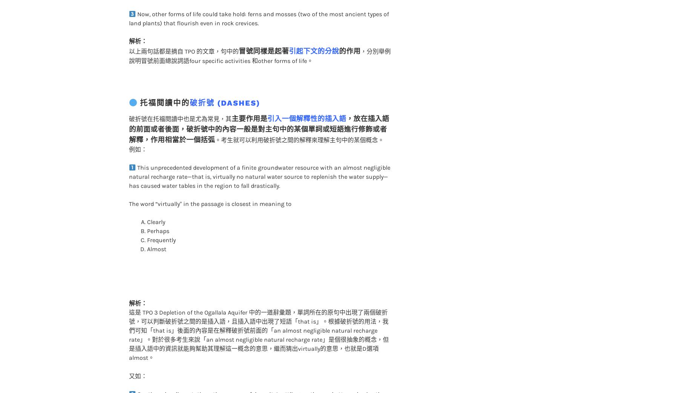  What do you see at coordinates (258, 320) in the screenshot?
I see `'這是 TPO 3 Depletion of the Ogallala Aquifer 中的一道辭彙題，單詞所在的原句中出現了兩個破折號，可以判斷破折號之間的是插入語，且插入語中出現了短語「that is」。根據破折號的用法，我們可知「that is」後面的內容是在解釋破折號前面的「an almost negligible natural recharge rate」。對於很多考生來說「an almost negligible natural recharge rate」是個很抽象的概念，但是插入語中的資訊就能夠幫助其理解這一概念的意思，繼而猜出virtually的意思，也就是D選項almost。'` at bounding box center [258, 320].